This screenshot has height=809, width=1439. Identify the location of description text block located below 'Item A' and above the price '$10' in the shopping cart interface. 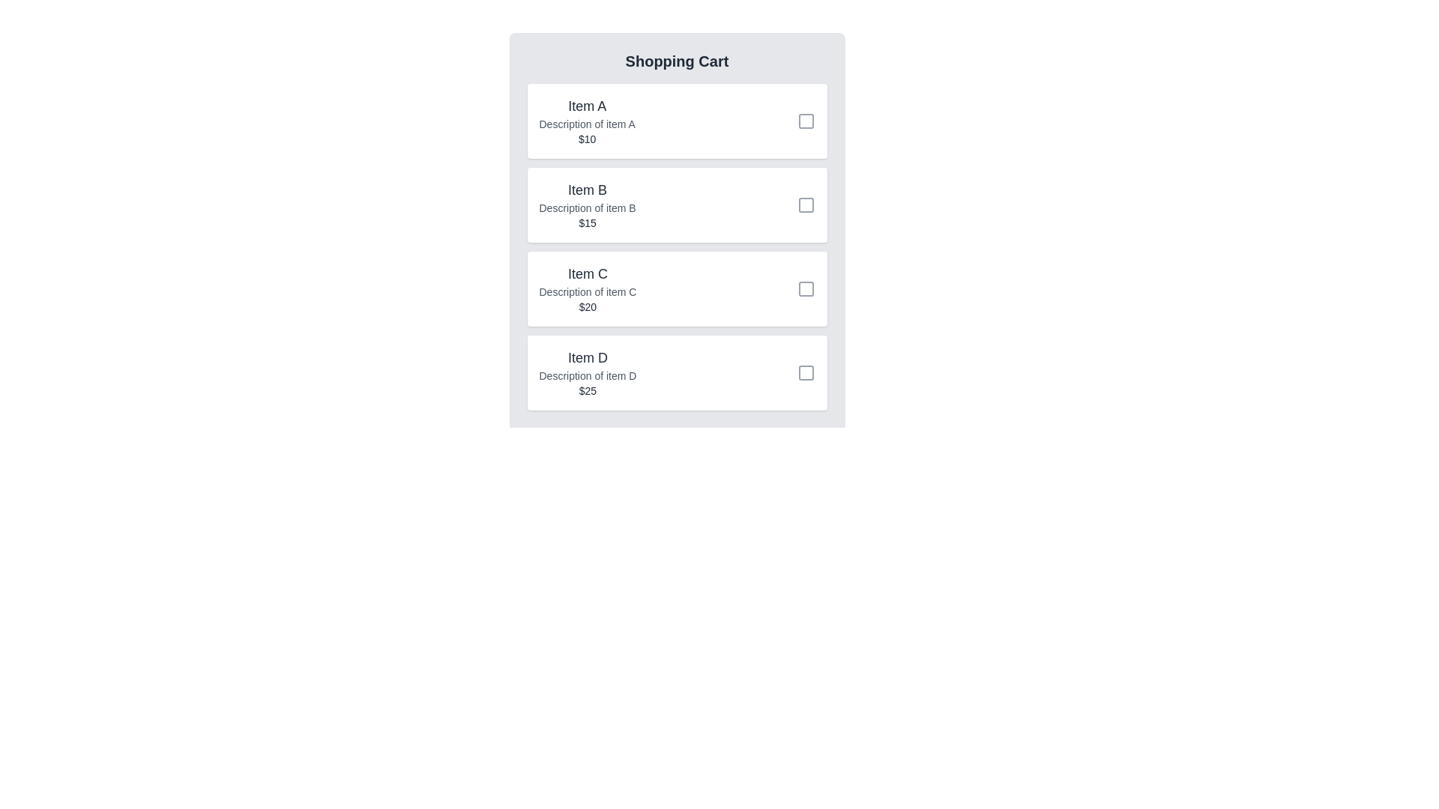
(586, 123).